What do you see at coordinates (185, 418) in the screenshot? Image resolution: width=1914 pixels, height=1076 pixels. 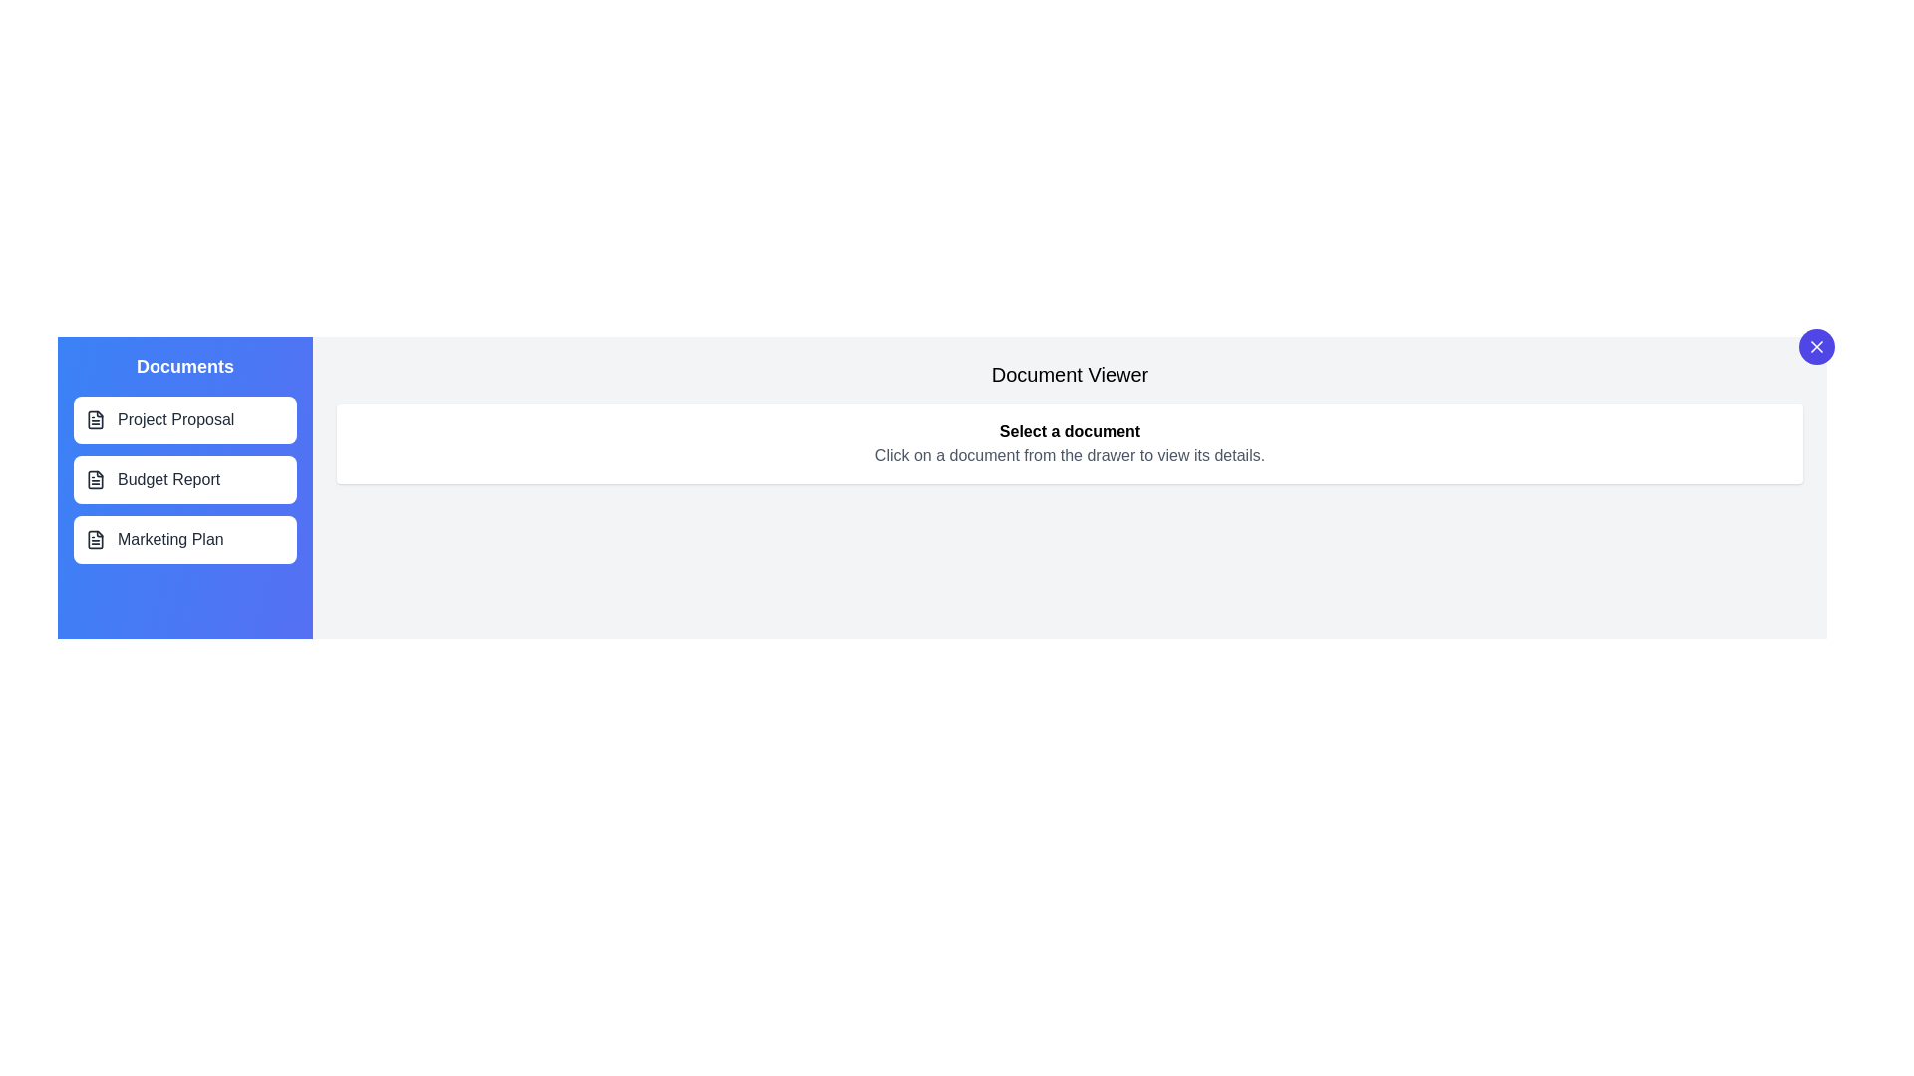 I see `the document item labeled Project Proposal to preview its interactivity` at bounding box center [185, 418].